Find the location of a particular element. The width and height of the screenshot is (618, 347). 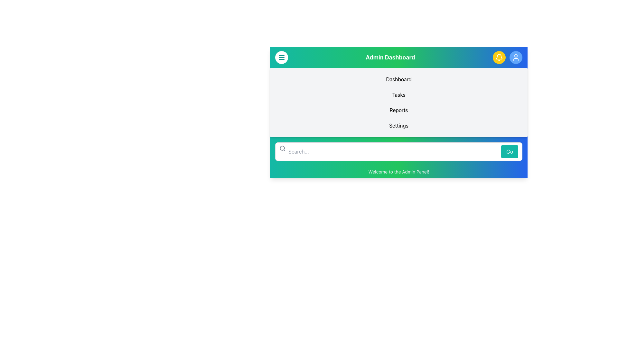

the welcome message text label located at the bottom of the admin dashboard interface, which provides an introductory remark to users is located at coordinates (398, 172).